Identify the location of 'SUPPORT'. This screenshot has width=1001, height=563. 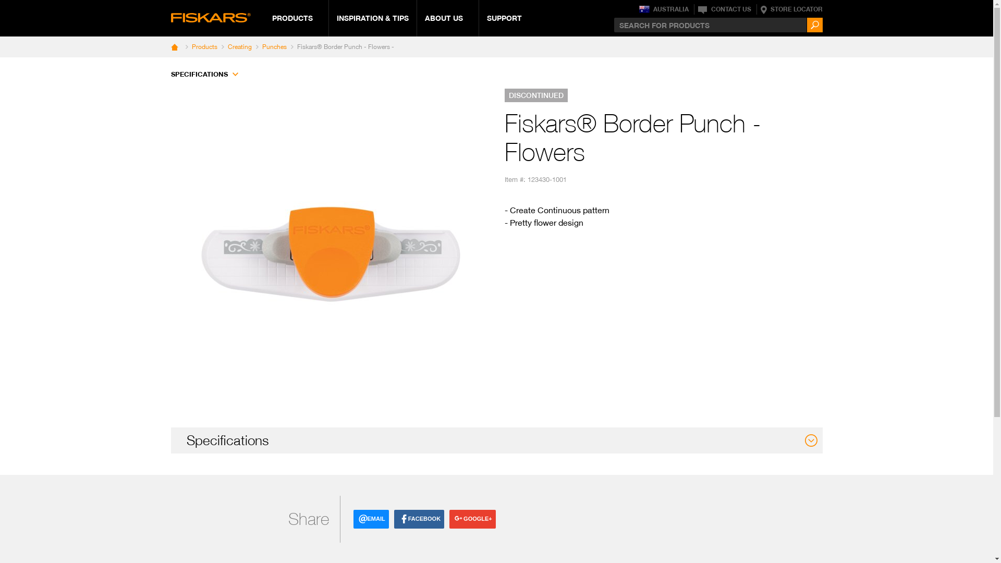
(486, 18).